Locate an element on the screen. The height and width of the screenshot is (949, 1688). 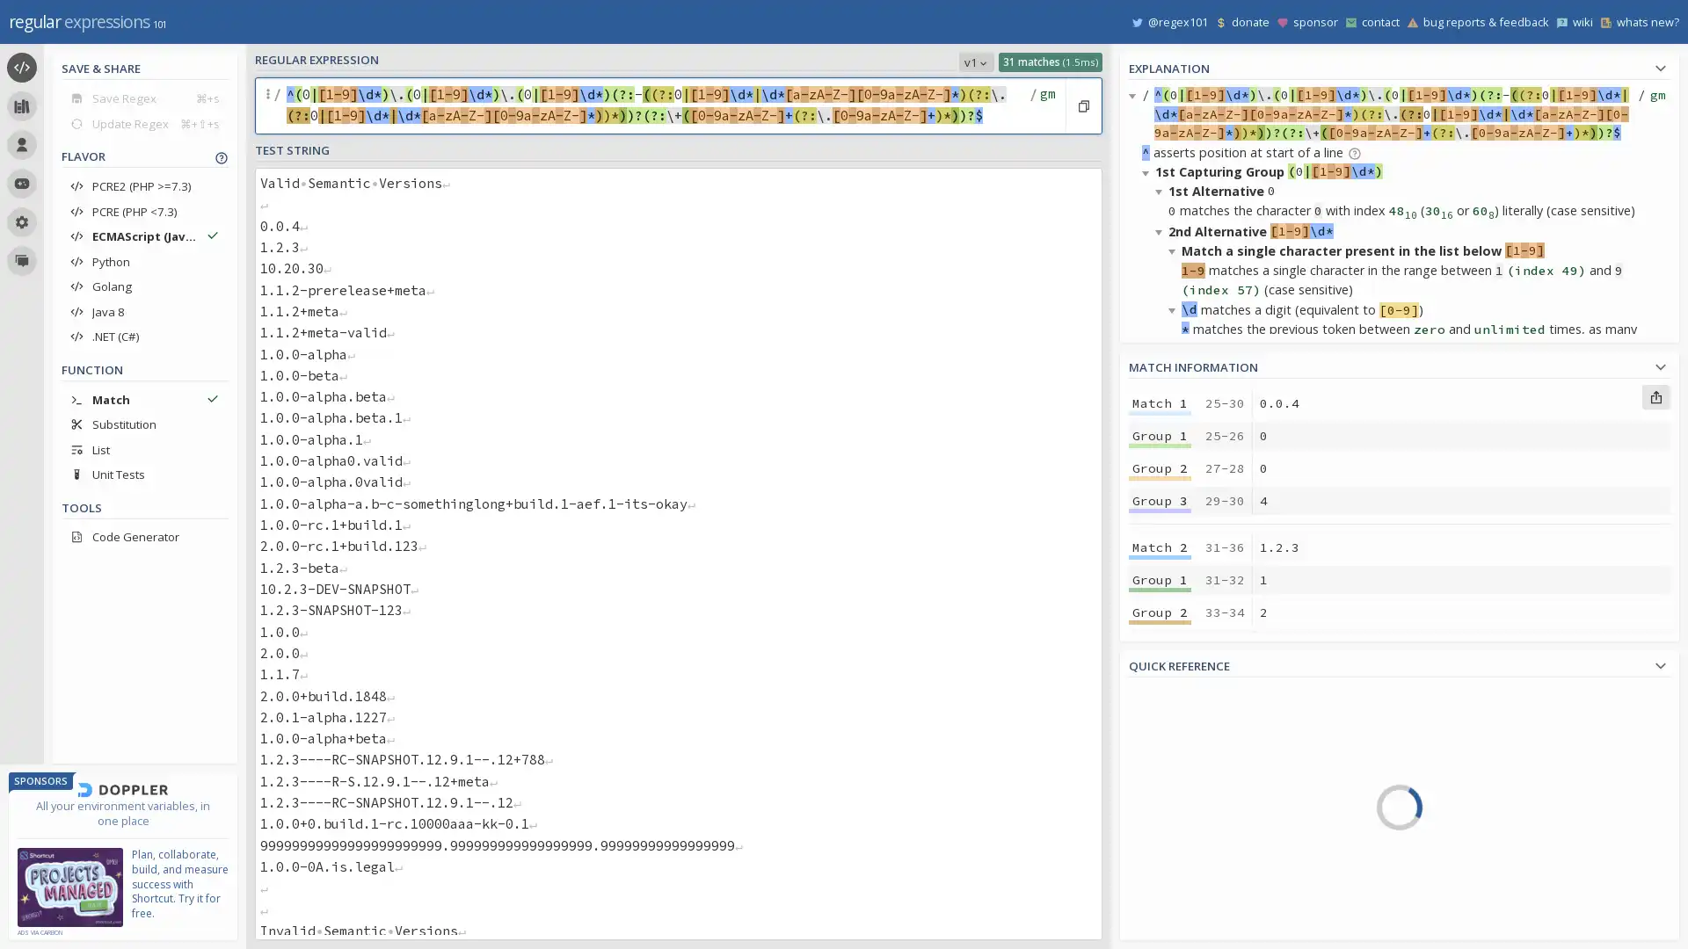
Group 3 is located at coordinates (1160, 644).